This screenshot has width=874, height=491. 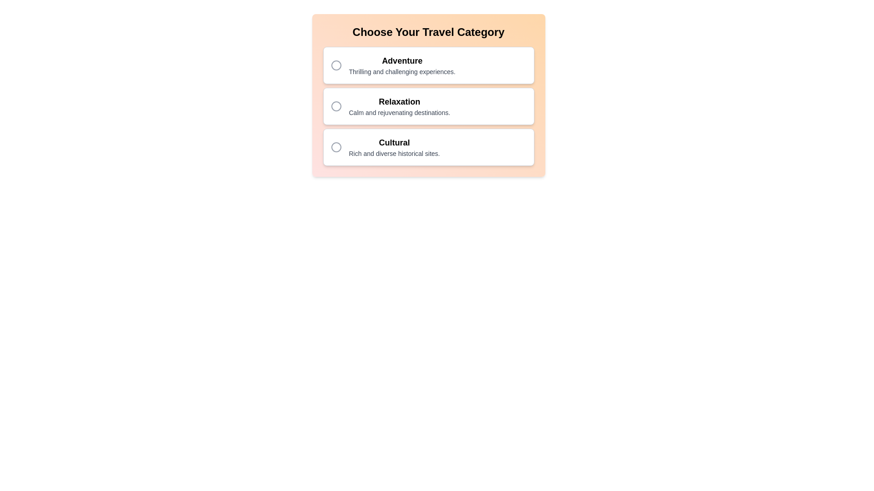 What do you see at coordinates (335, 106) in the screenshot?
I see `the radio button labeled 'Relaxation' to receive a visual indication of interactivity` at bounding box center [335, 106].